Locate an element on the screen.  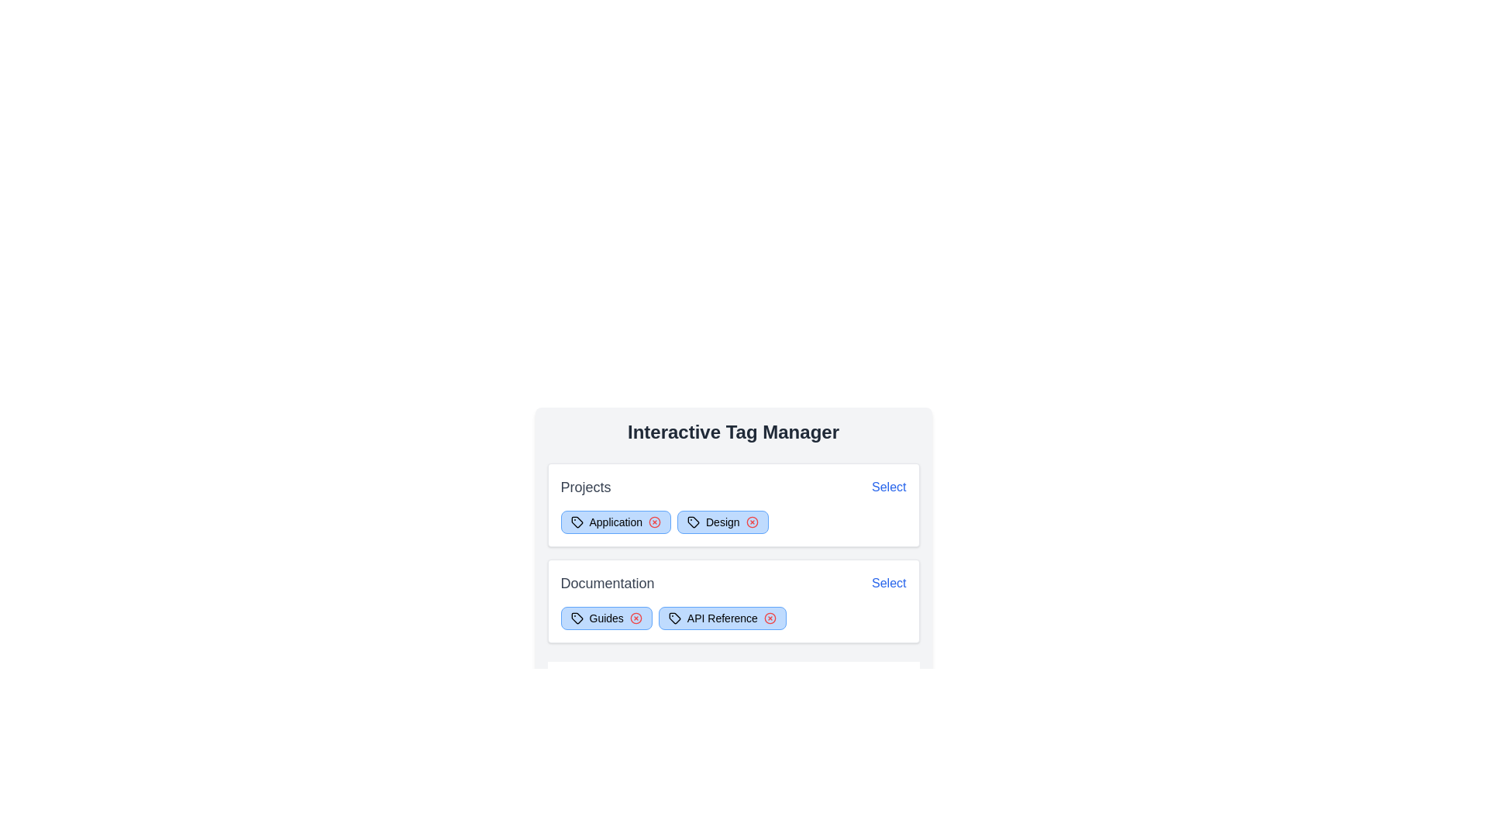
the clickable link positioned in the top-right corner of the 'Projects' card is located at coordinates (889, 486).